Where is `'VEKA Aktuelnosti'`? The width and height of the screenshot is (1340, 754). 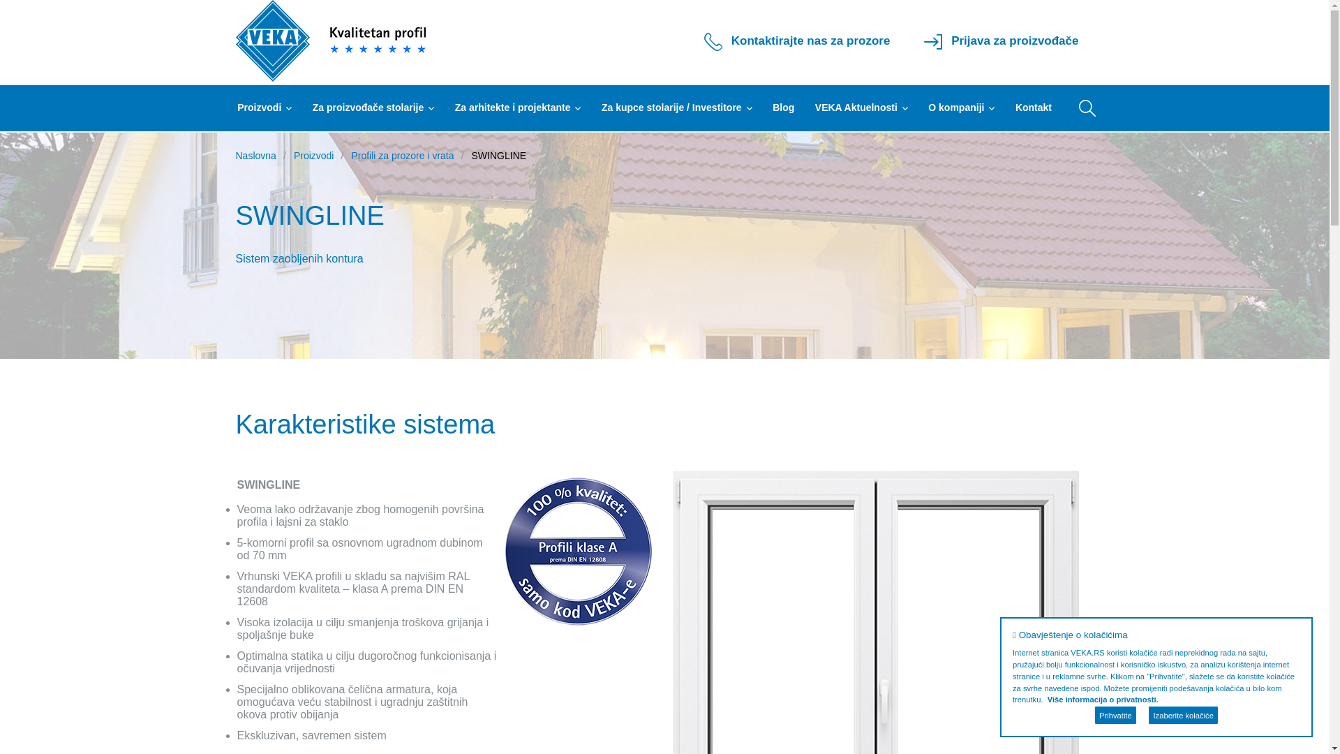 'VEKA Aktuelnosti' is located at coordinates (861, 108).